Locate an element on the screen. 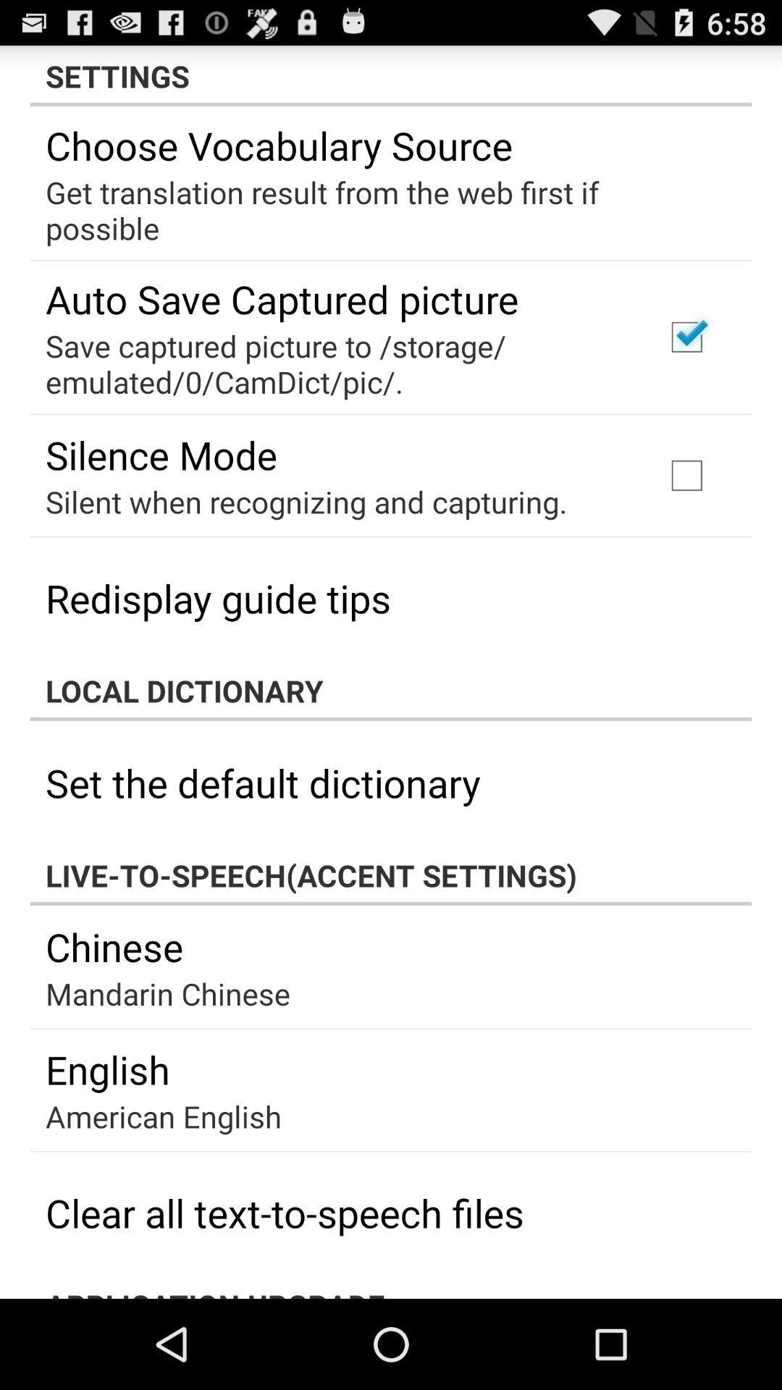 The height and width of the screenshot is (1390, 782). silent when recognizing app is located at coordinates (306, 501).